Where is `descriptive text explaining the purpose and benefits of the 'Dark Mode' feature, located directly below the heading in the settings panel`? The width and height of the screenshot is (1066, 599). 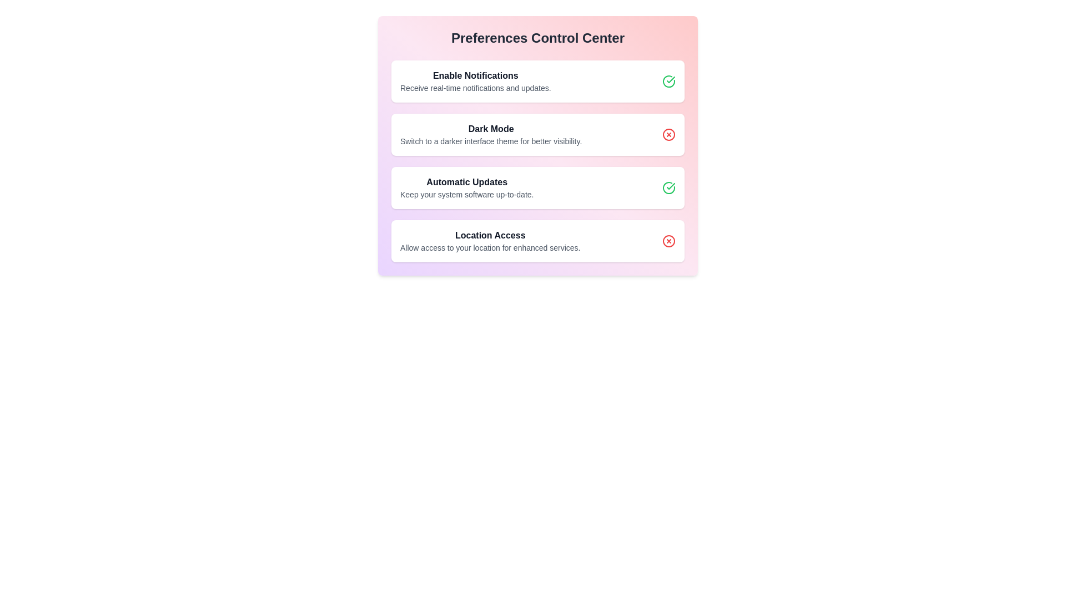
descriptive text explaining the purpose and benefits of the 'Dark Mode' feature, located directly below the heading in the settings panel is located at coordinates (490, 140).